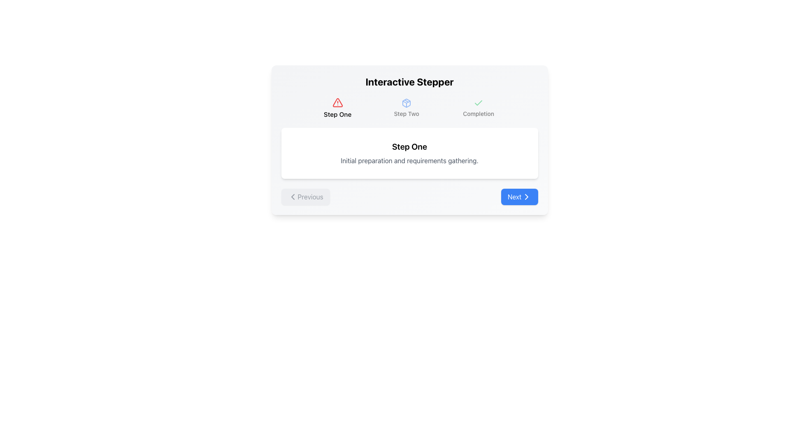  I want to click on the 'Previous' button with a light gray background and rounded corners, located at the bottom-left corner of the navigation bar, so click(305, 197).